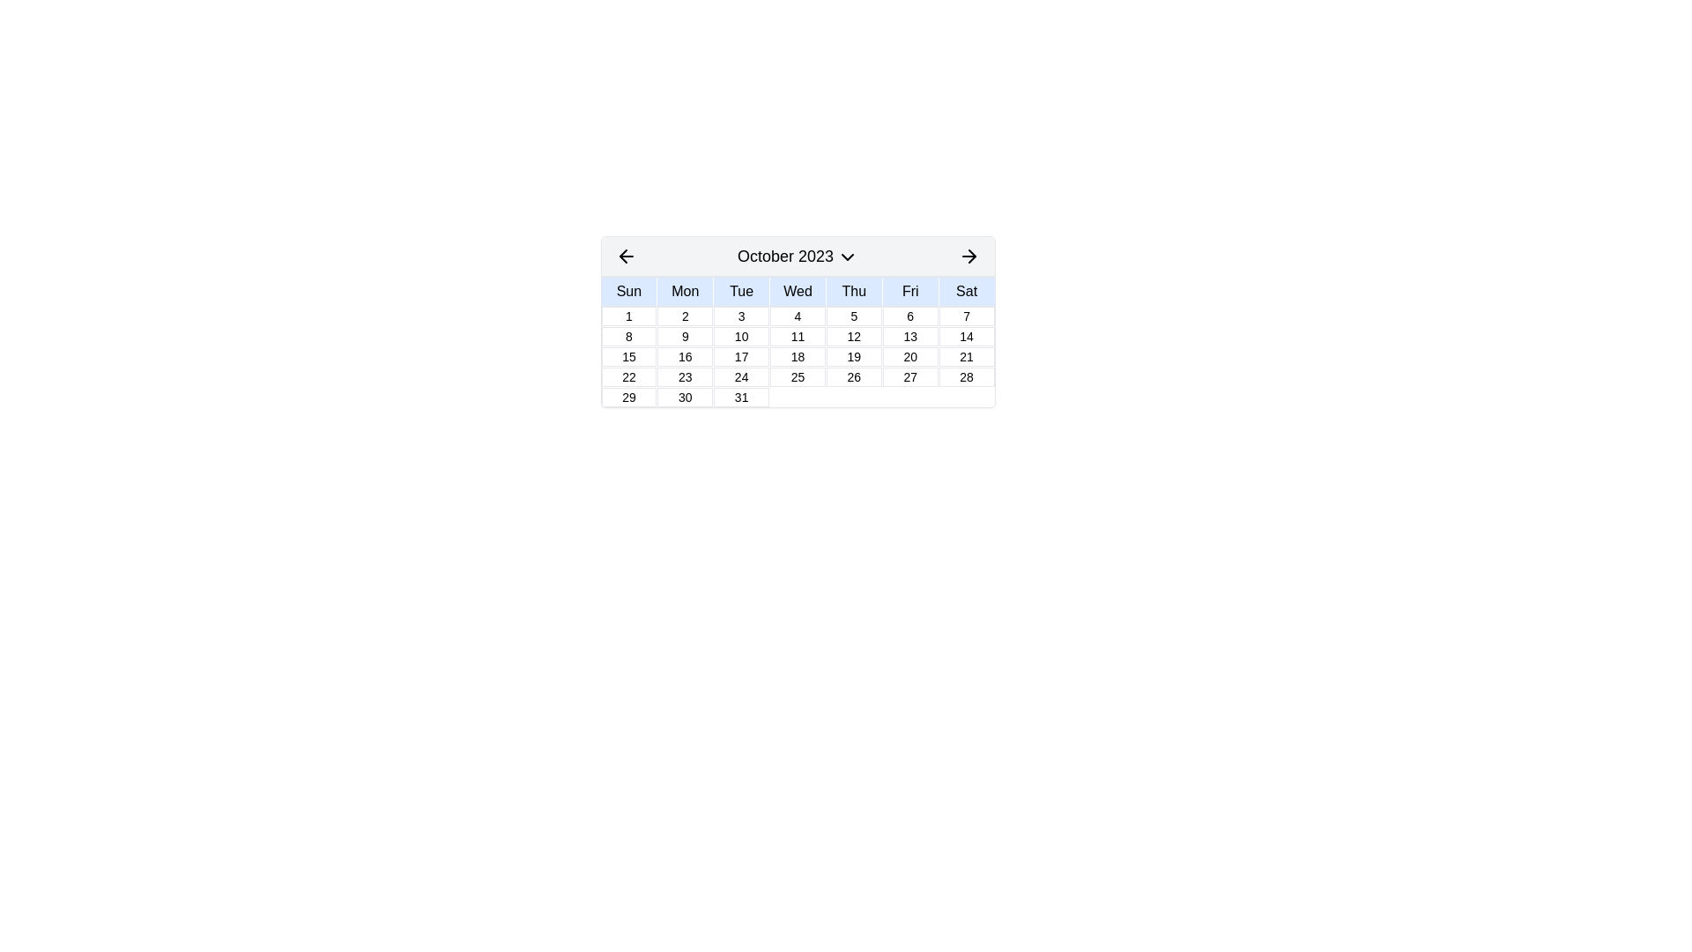 This screenshot has height=952, width=1692. What do you see at coordinates (684, 336) in the screenshot?
I see `the grid cell representing the number '9' in the second row and second column of the calendar interface` at bounding box center [684, 336].